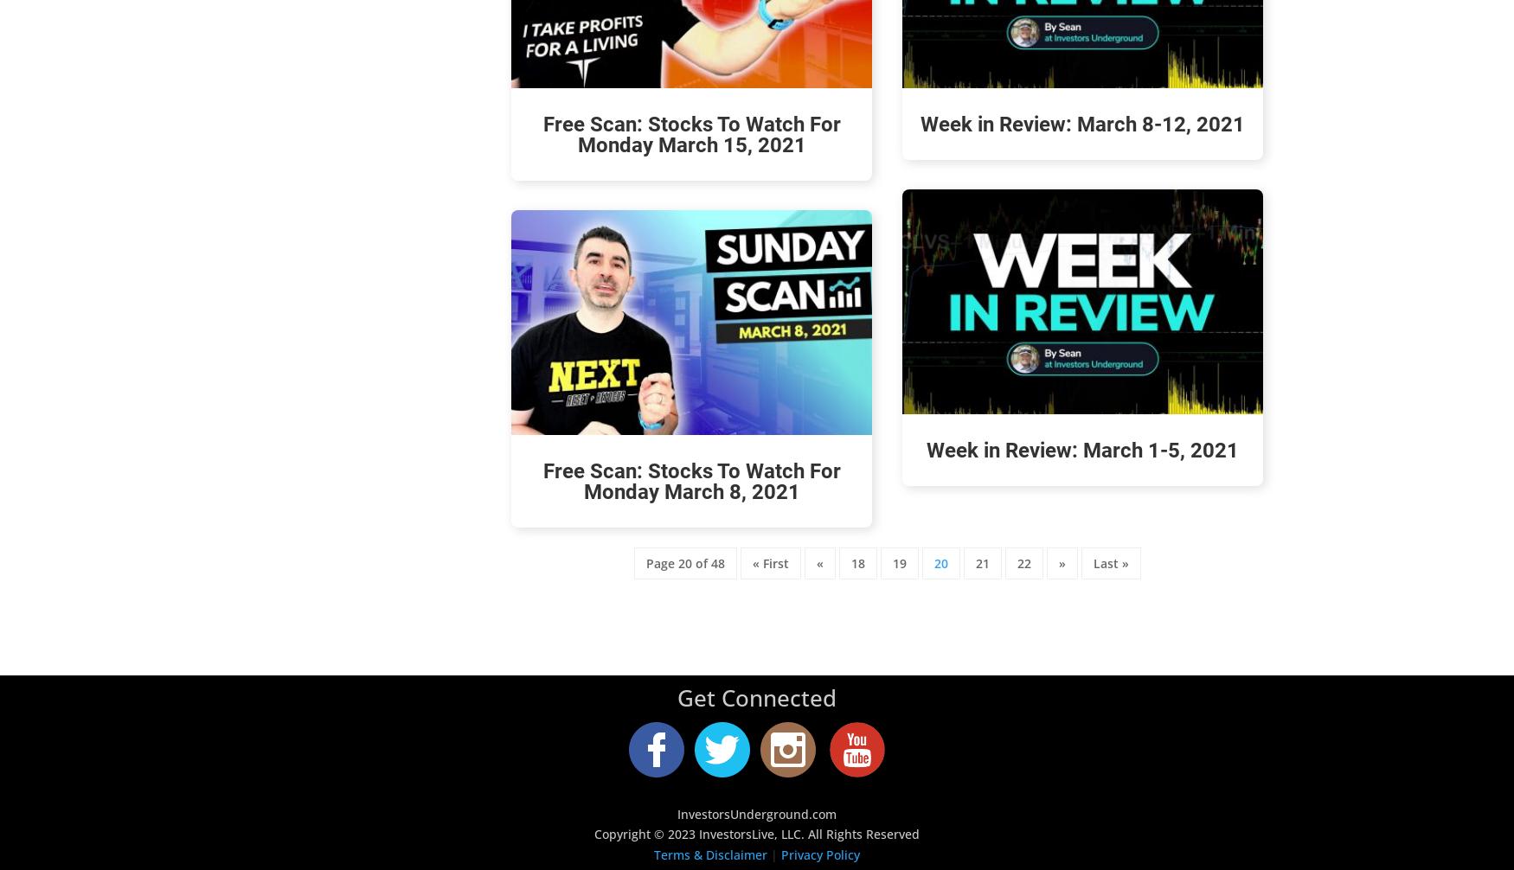 This screenshot has height=870, width=1514. Describe the element at coordinates (593, 833) in the screenshot. I see `'Copyright © 2023 InvestorsLive, LLC. All Rights Reserved'` at that location.